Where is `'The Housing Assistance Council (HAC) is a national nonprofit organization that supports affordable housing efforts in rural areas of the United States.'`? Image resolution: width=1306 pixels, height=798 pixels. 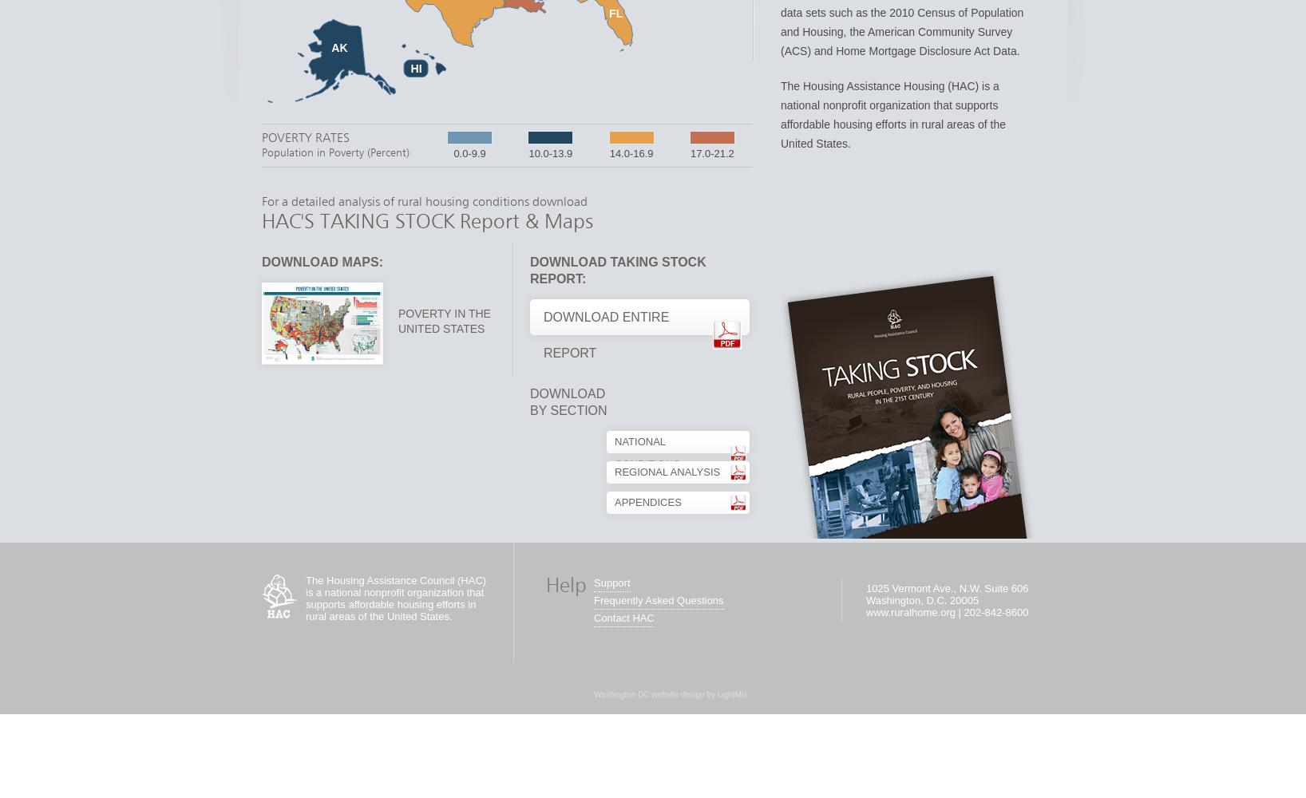
'The Housing Assistance Council (HAC) is a national nonprofit organization that supports affordable housing efforts in rural areas of the United States.' is located at coordinates (396, 598).